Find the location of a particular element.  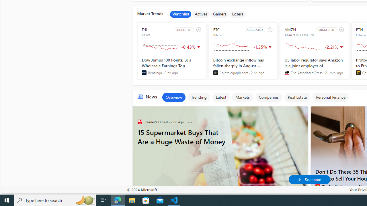

'The Family Handyman' is located at coordinates (317, 186).